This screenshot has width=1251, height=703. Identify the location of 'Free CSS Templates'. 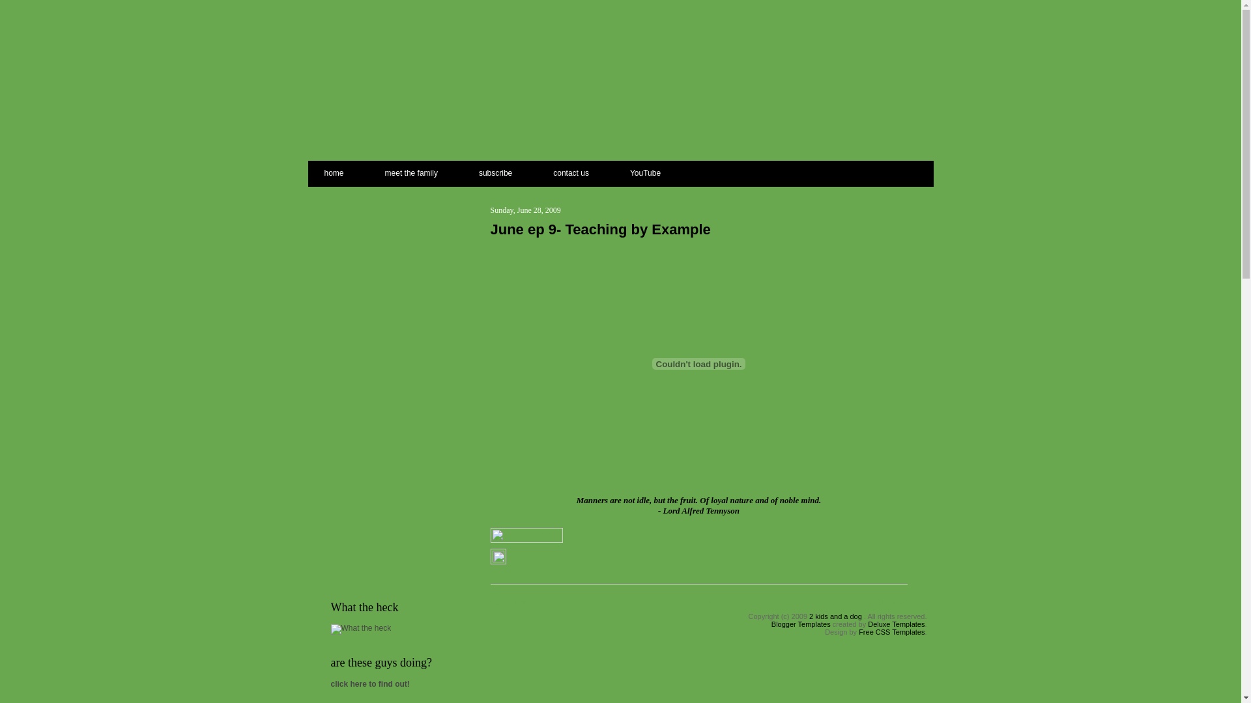
(859, 631).